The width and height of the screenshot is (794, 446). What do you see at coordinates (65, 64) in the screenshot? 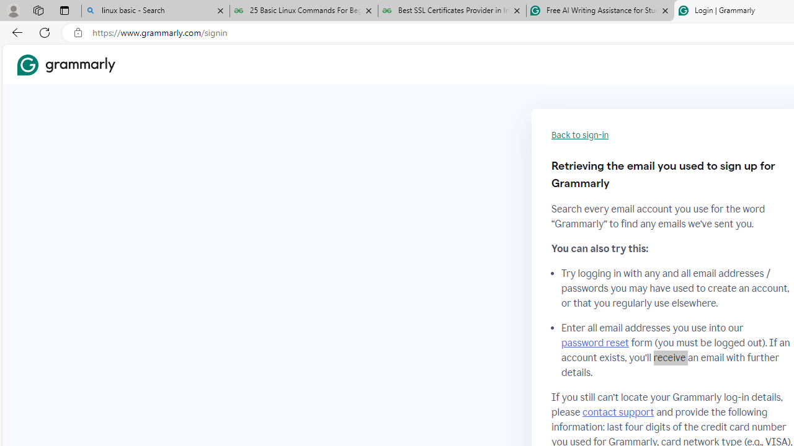
I see `'Grammarly Home'` at bounding box center [65, 64].